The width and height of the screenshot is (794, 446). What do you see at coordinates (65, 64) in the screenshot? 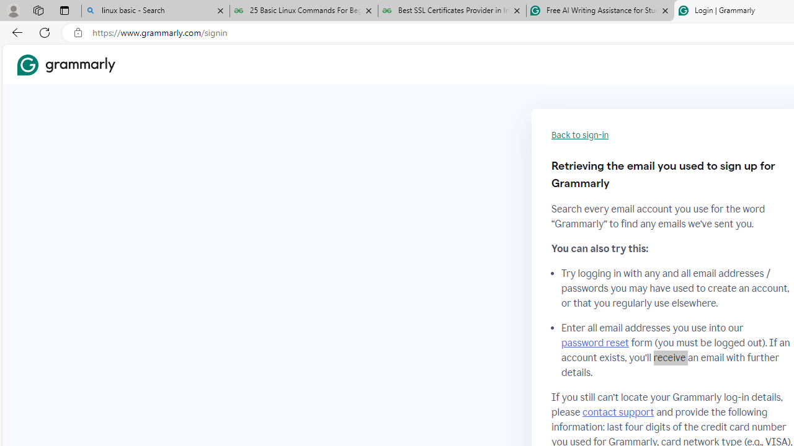
I see `'Grammarly Home'` at bounding box center [65, 64].